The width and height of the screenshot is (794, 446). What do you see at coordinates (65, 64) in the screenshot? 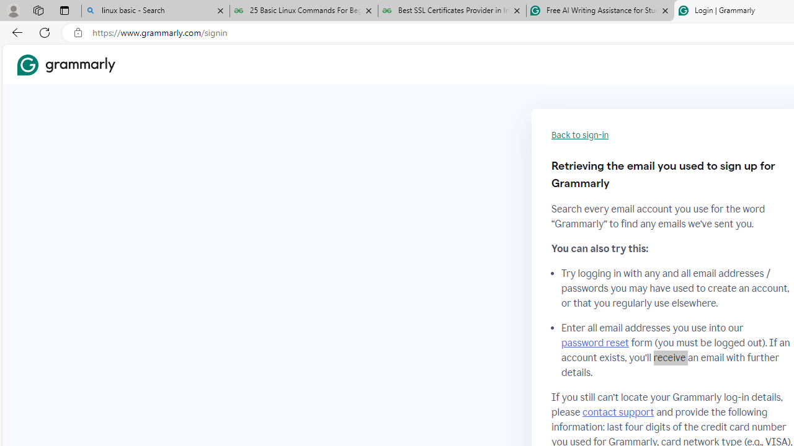
I see `'Grammarly Home'` at bounding box center [65, 64].